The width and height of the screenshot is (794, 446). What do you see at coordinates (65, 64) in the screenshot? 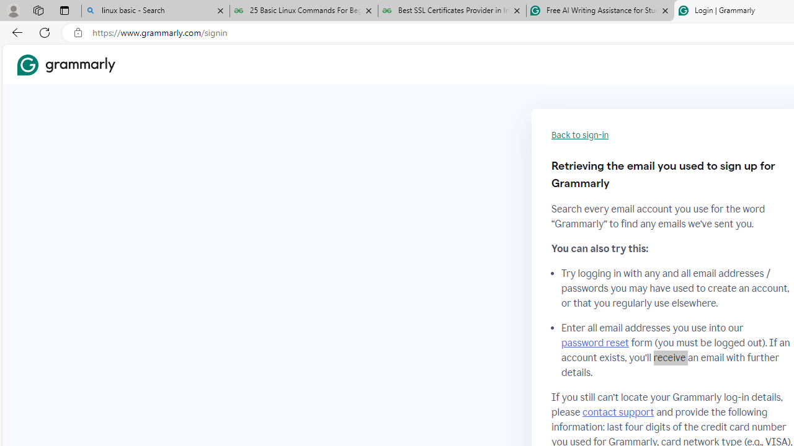
I see `'Grammarly Home'` at bounding box center [65, 64].